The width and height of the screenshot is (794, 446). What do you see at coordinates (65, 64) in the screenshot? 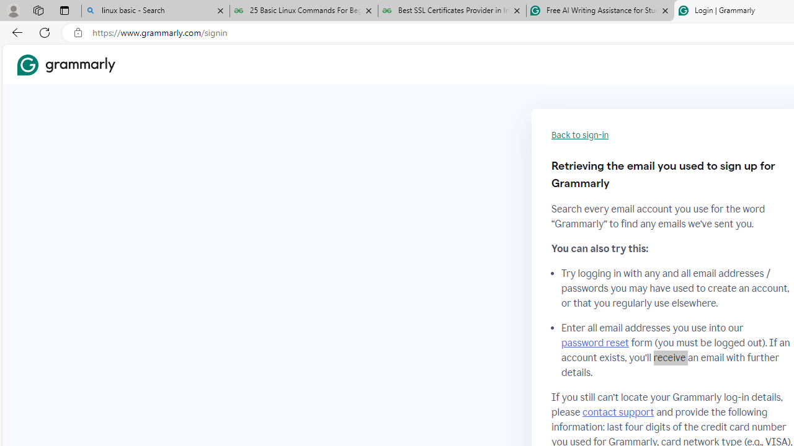
I see `'Grammarly Home'` at bounding box center [65, 64].